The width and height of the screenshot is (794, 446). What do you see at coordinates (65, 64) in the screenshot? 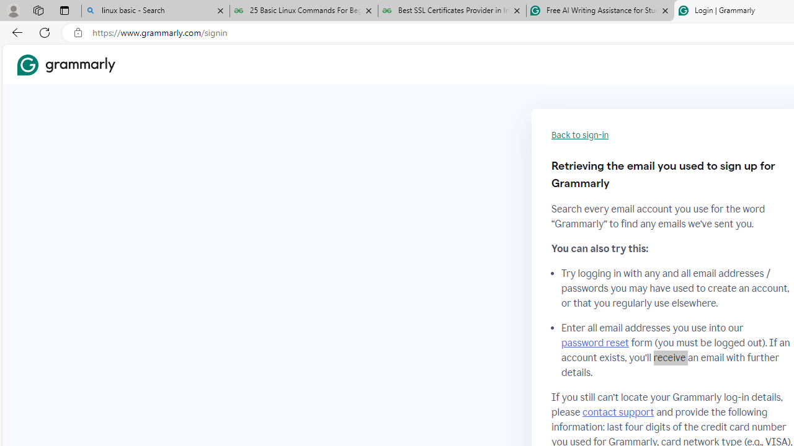
I see `'Grammarly Home'` at bounding box center [65, 64].